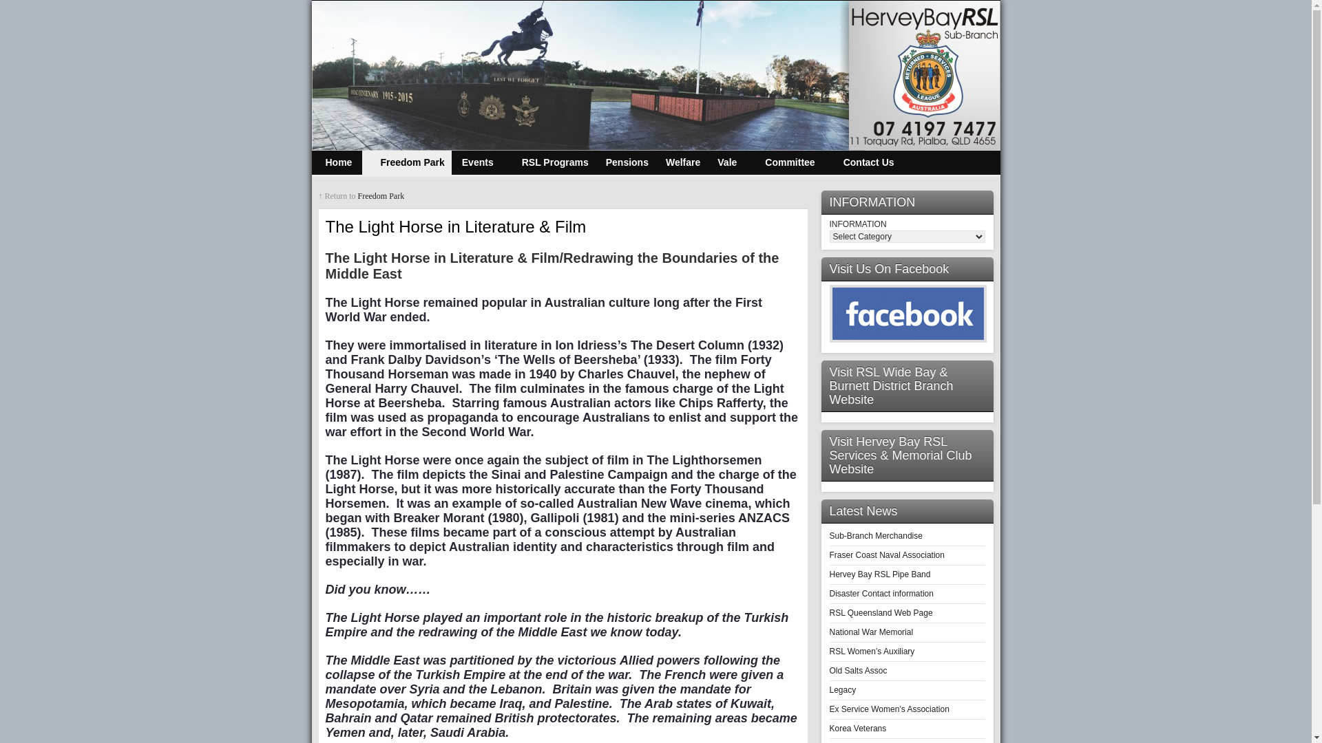  Describe the element at coordinates (857, 670) in the screenshot. I see `'Old Salts Assoc'` at that location.